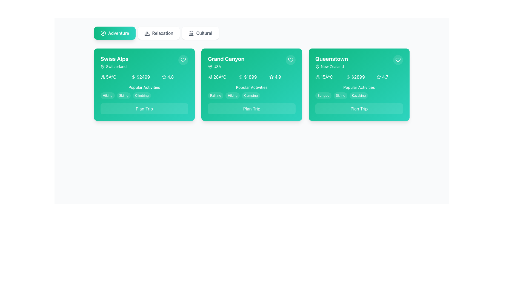  Describe the element at coordinates (323, 95) in the screenshot. I see `the first activity label 'Bungee' in the 'Popular Activities' section of the Queenstown destination card` at that location.